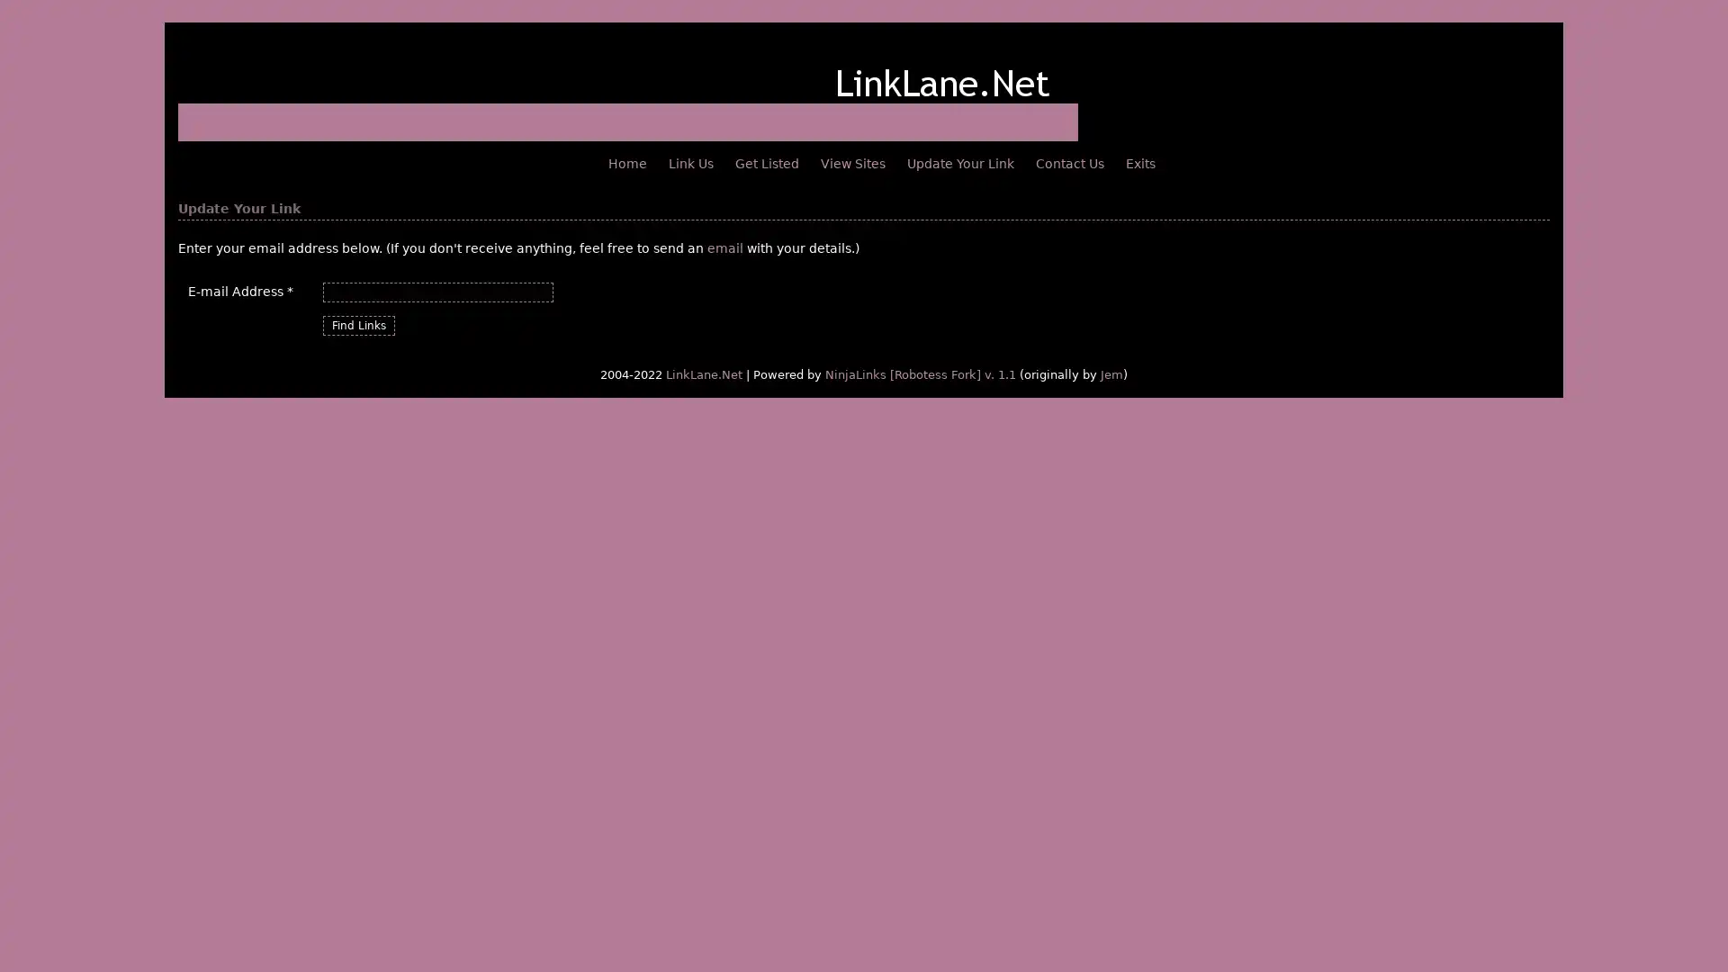 This screenshot has width=1728, height=972. What do you see at coordinates (358, 326) in the screenshot?
I see `Find Links` at bounding box center [358, 326].